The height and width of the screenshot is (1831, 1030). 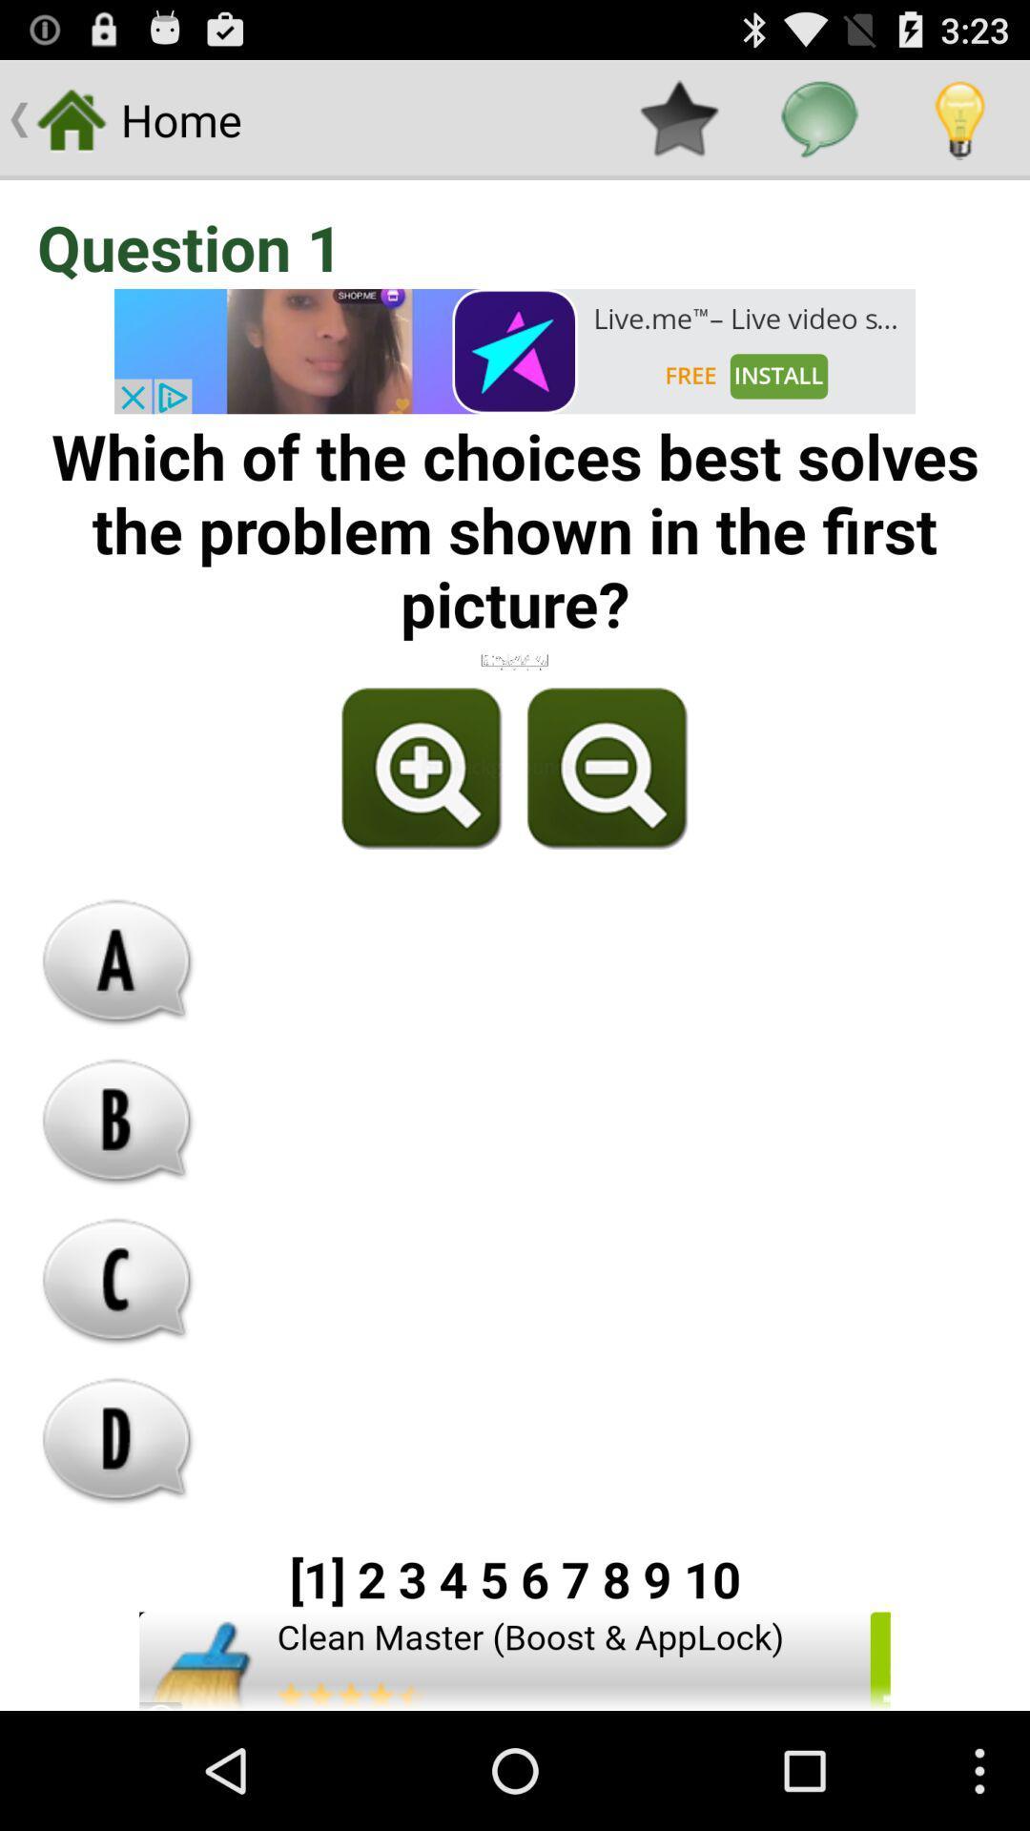 What do you see at coordinates (422, 769) in the screenshot?
I see `the zoom button` at bounding box center [422, 769].